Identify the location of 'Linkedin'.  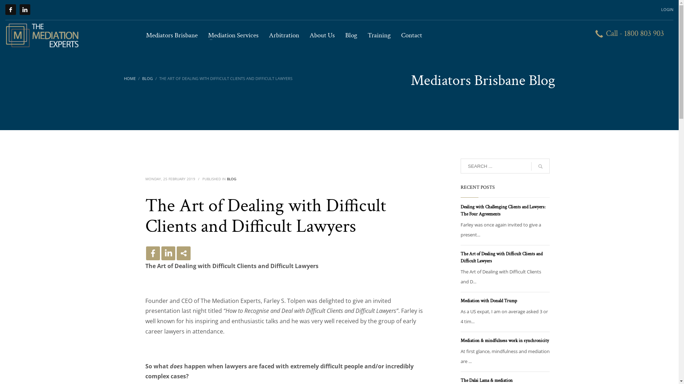
(167, 253).